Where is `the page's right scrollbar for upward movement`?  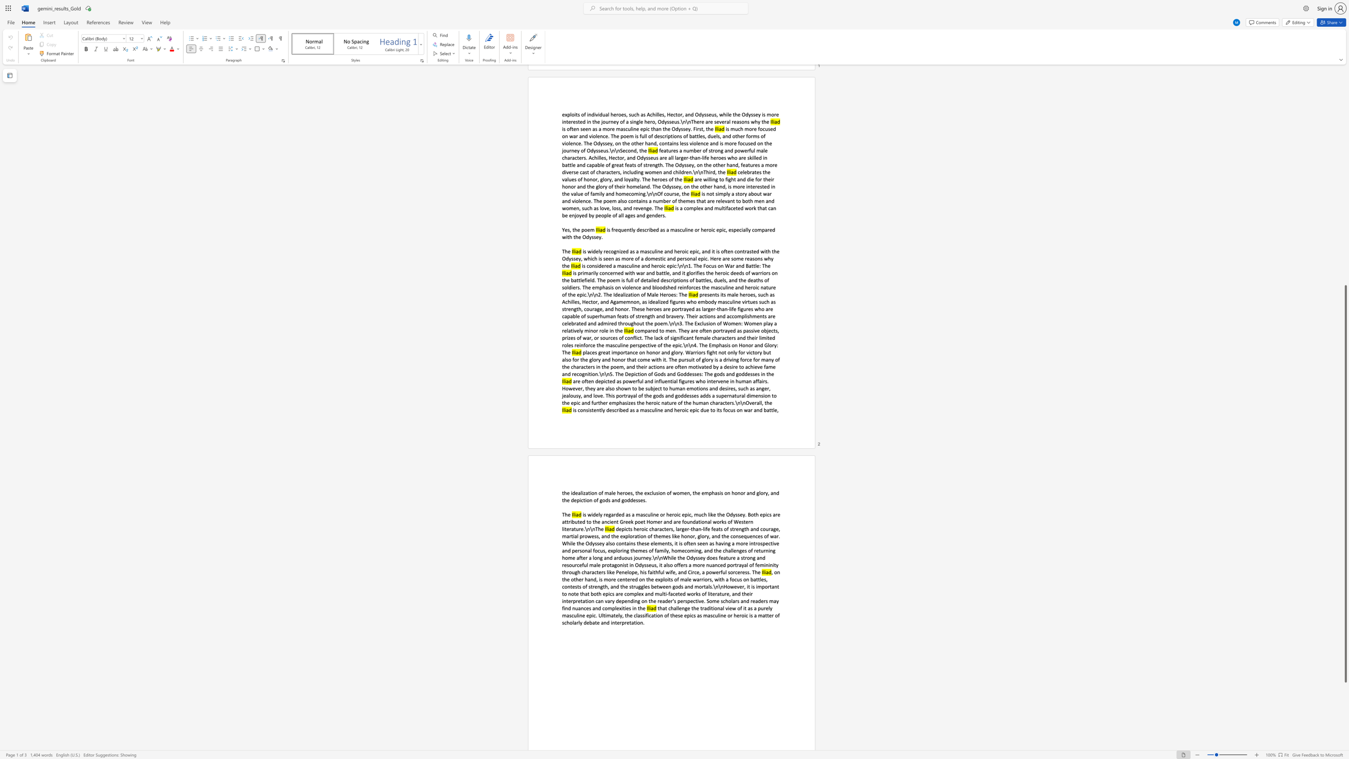 the page's right scrollbar for upward movement is located at coordinates (1345, 179).